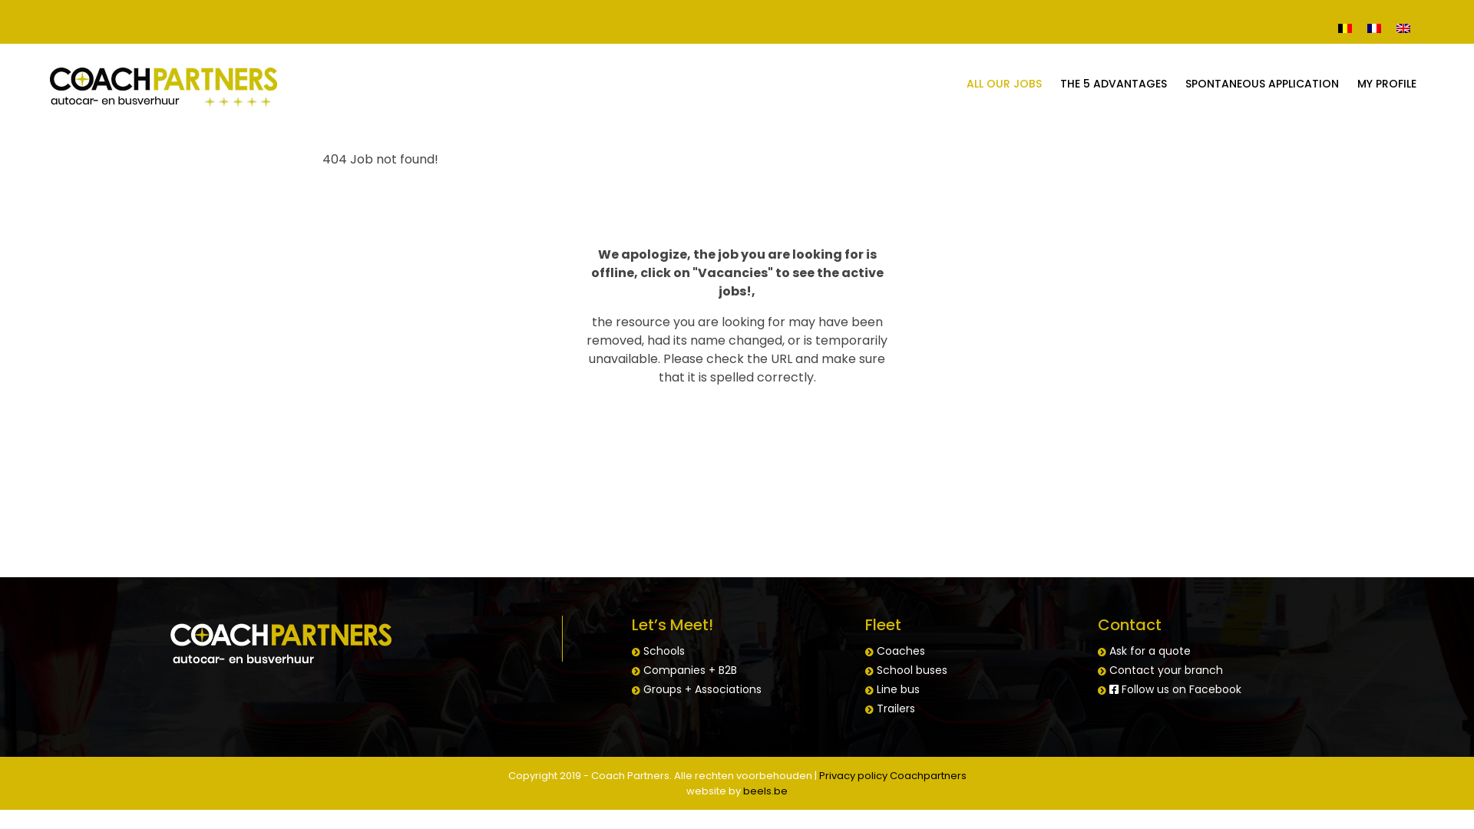 The image size is (1474, 829). I want to click on 'School buses', so click(877, 669).